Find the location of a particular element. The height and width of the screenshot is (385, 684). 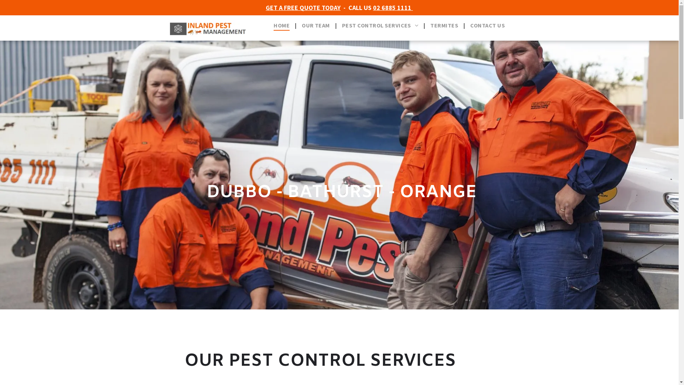

'GET A FREE QUOTE TODAY' is located at coordinates (303, 7).